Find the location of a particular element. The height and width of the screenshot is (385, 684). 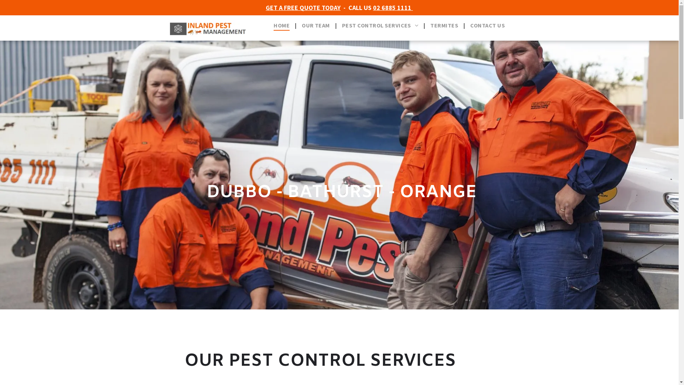

'GET A FREE QUOTE TODAY' is located at coordinates (303, 7).